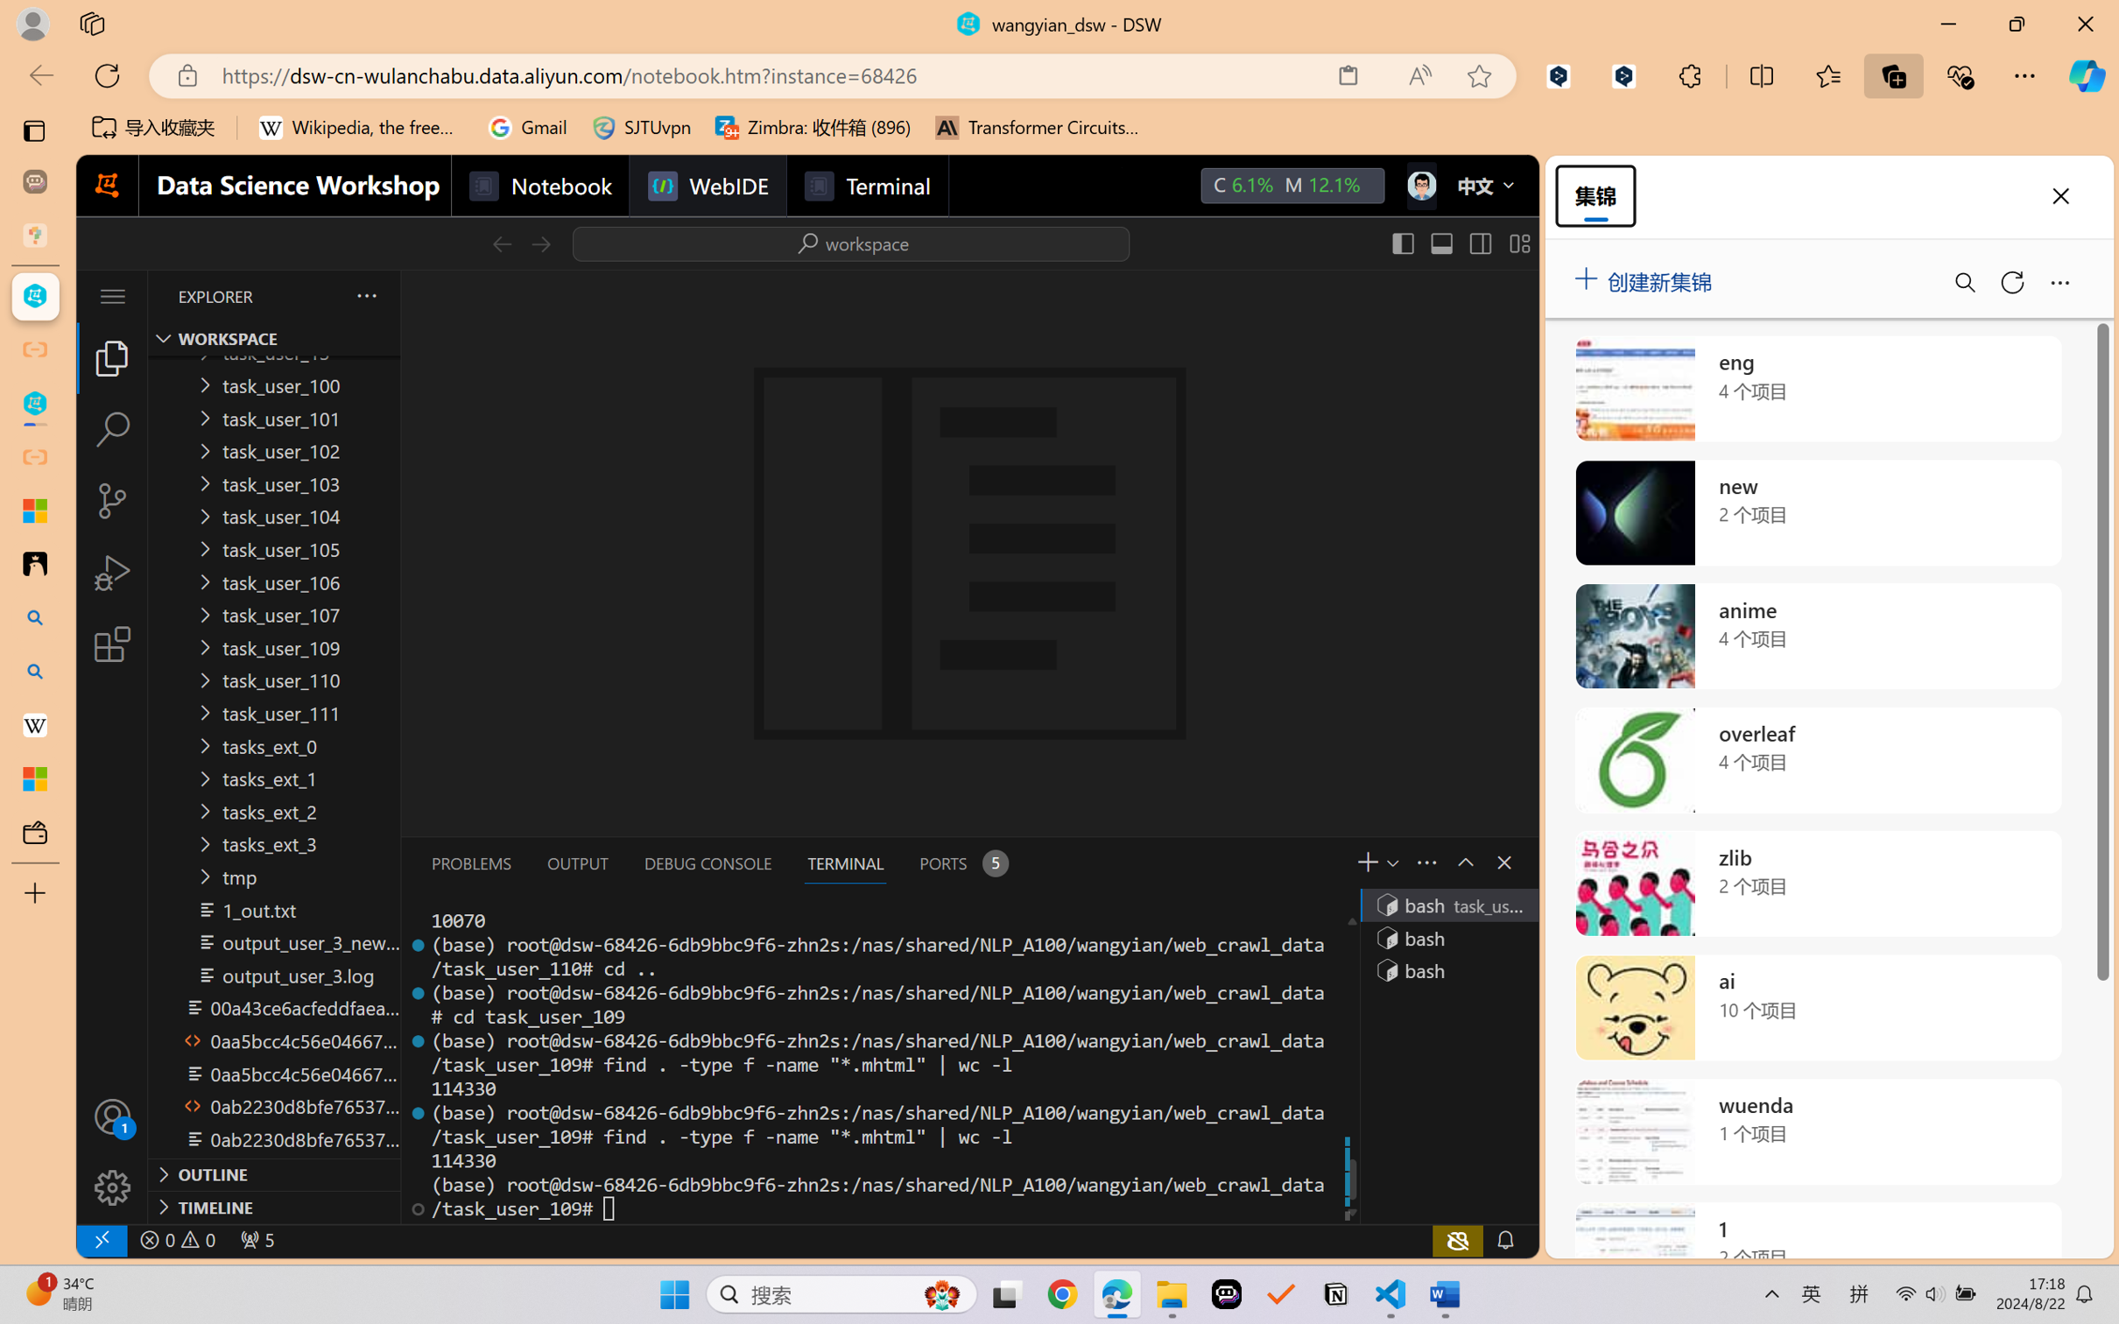 The height and width of the screenshot is (1324, 2119). Describe the element at coordinates (868, 185) in the screenshot. I see `'Terminal'` at that location.